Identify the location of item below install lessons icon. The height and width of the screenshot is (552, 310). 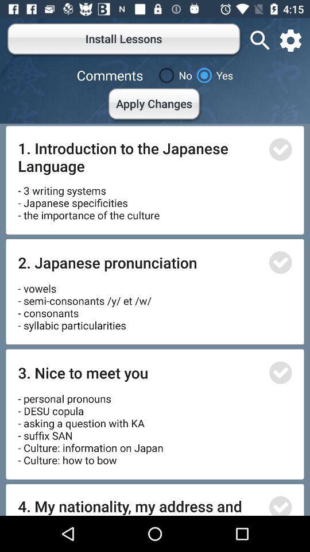
(173, 75).